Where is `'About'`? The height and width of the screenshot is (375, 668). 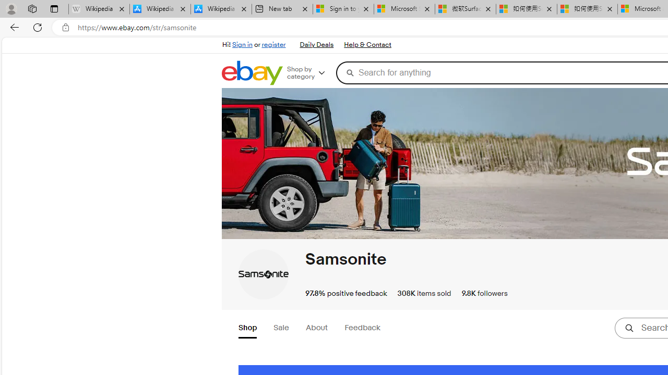
'About' is located at coordinates (316, 328).